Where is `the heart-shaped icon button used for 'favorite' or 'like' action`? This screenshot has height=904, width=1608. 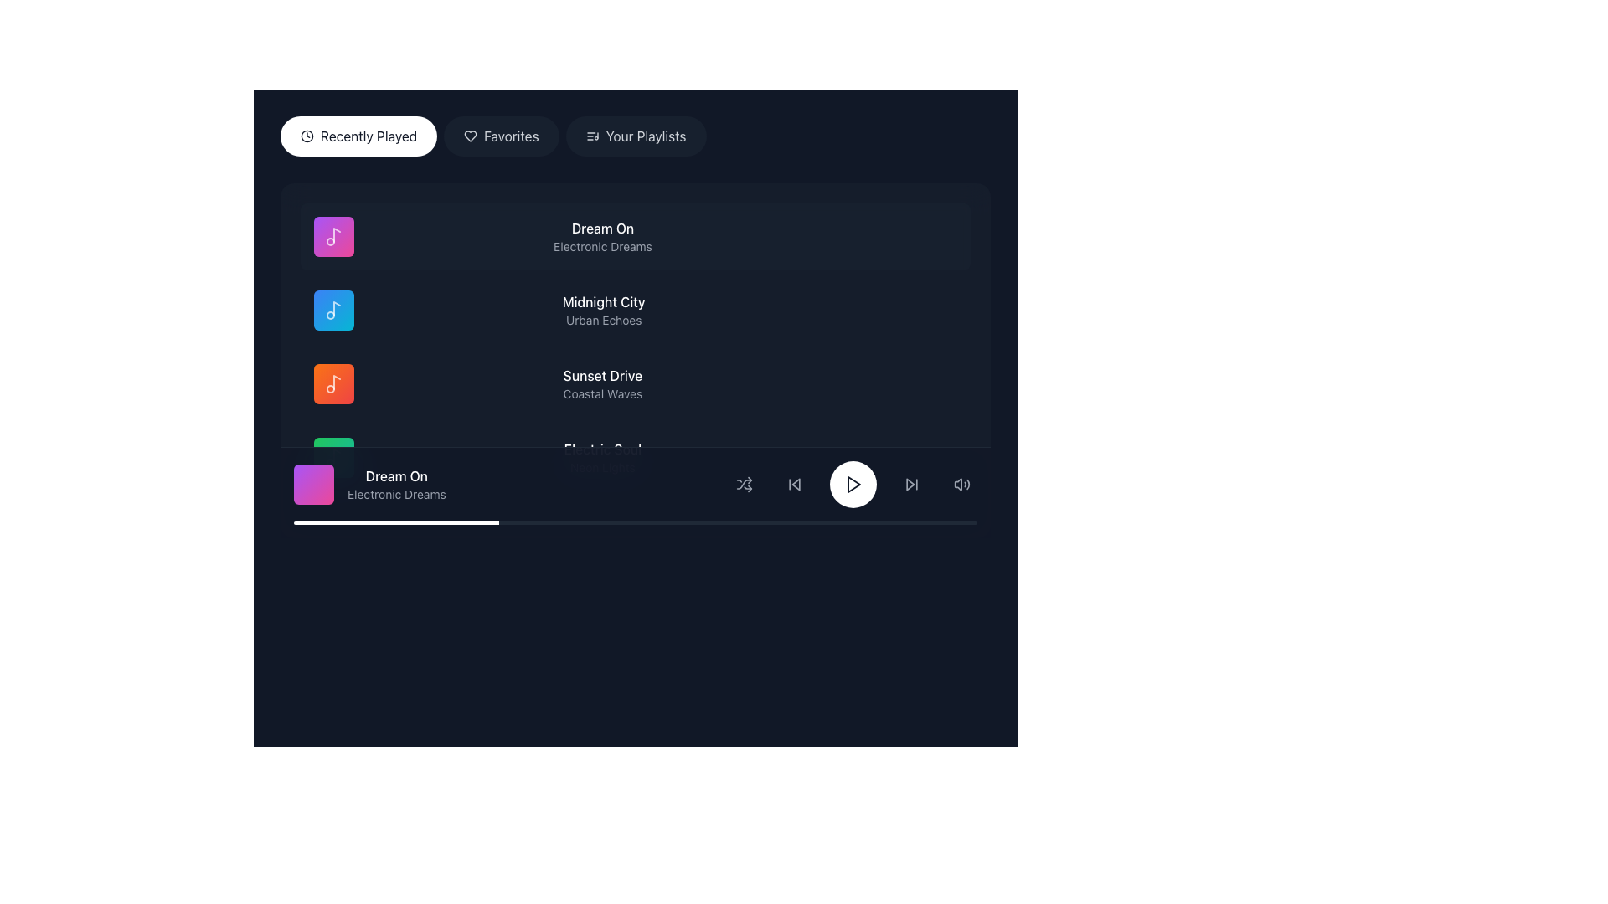
the heart-shaped icon button used for 'favorite' or 'like' action is located at coordinates (864, 458).